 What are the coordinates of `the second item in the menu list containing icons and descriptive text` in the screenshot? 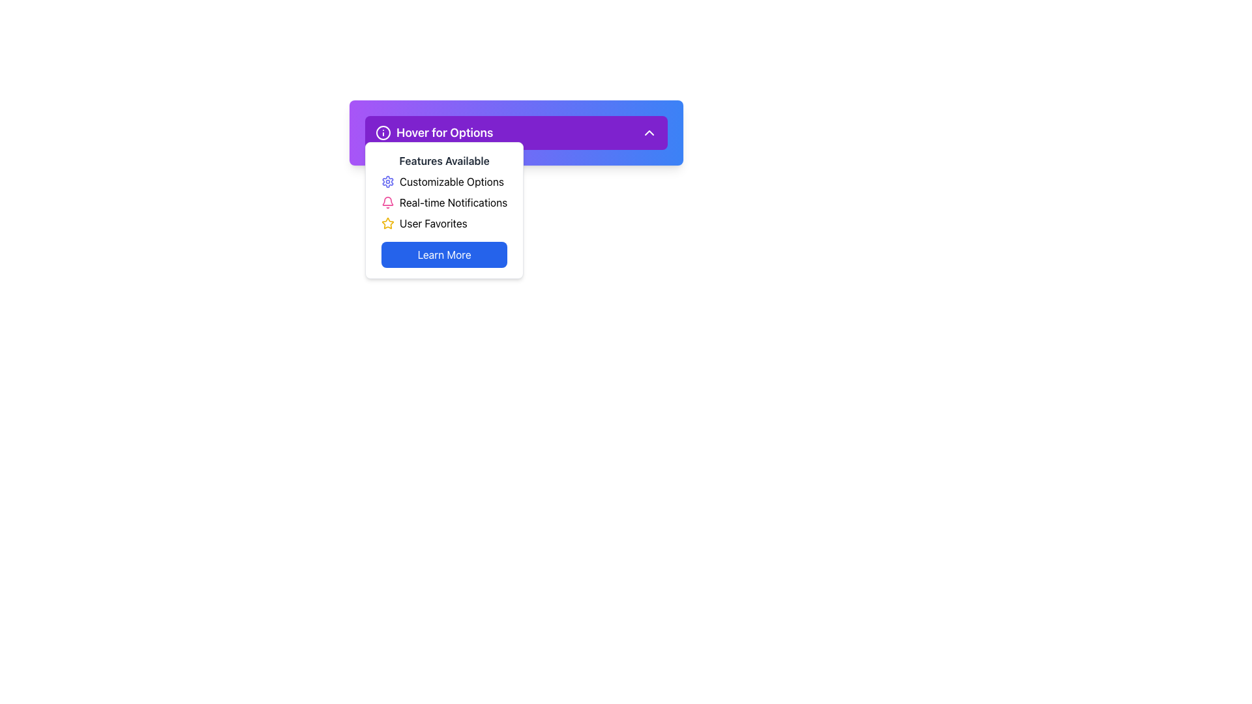 It's located at (444, 203).